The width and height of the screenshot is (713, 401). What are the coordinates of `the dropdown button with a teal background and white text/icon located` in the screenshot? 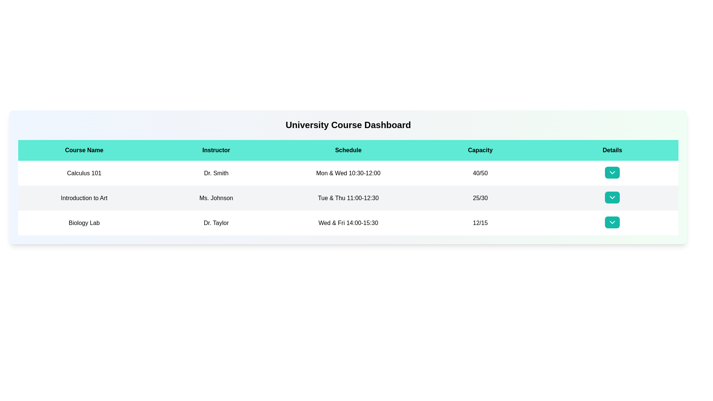 It's located at (612, 173).